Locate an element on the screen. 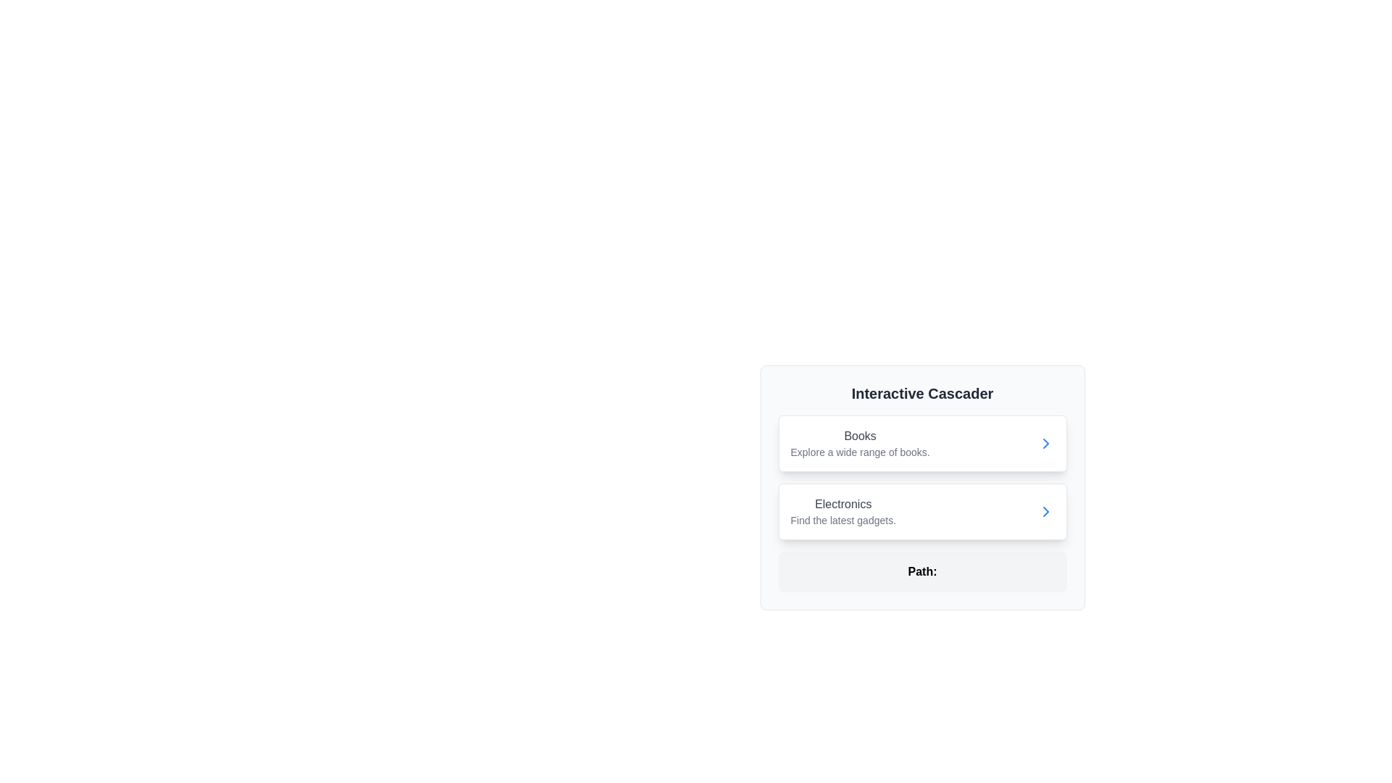 This screenshot has height=783, width=1392. the chevron icon located in the right area of the 'Books' option box to receive interaction feedback is located at coordinates (1045, 443).